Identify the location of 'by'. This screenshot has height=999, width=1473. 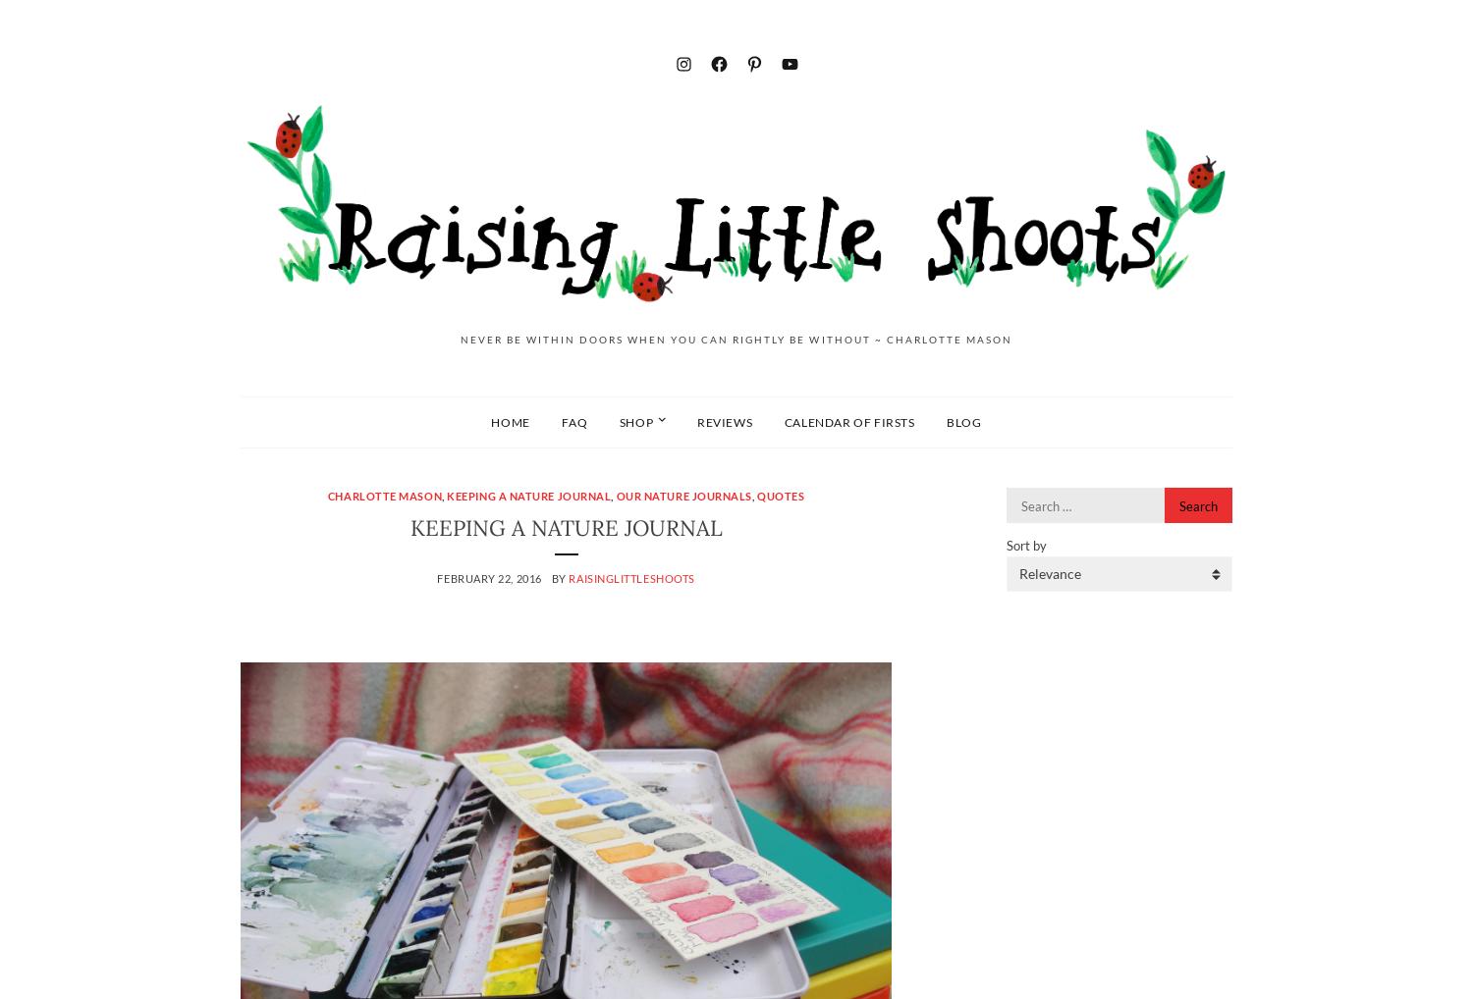
(559, 577).